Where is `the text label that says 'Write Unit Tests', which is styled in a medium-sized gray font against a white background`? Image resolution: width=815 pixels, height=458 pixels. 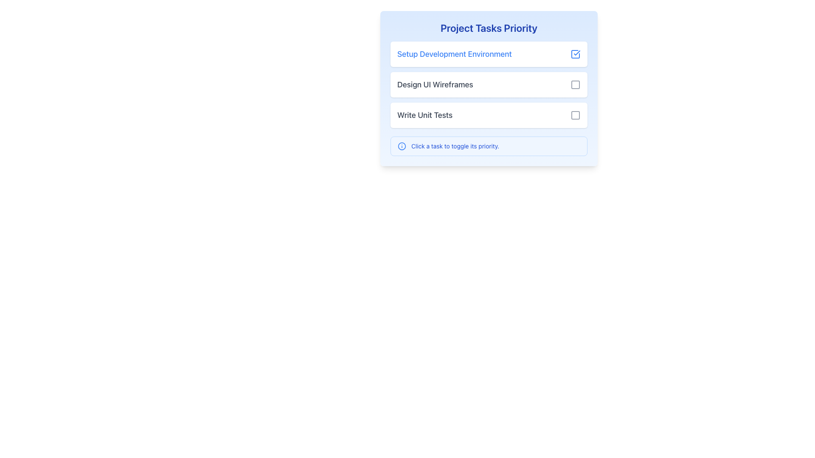
the text label that says 'Write Unit Tests', which is styled in a medium-sized gray font against a white background is located at coordinates (425, 115).